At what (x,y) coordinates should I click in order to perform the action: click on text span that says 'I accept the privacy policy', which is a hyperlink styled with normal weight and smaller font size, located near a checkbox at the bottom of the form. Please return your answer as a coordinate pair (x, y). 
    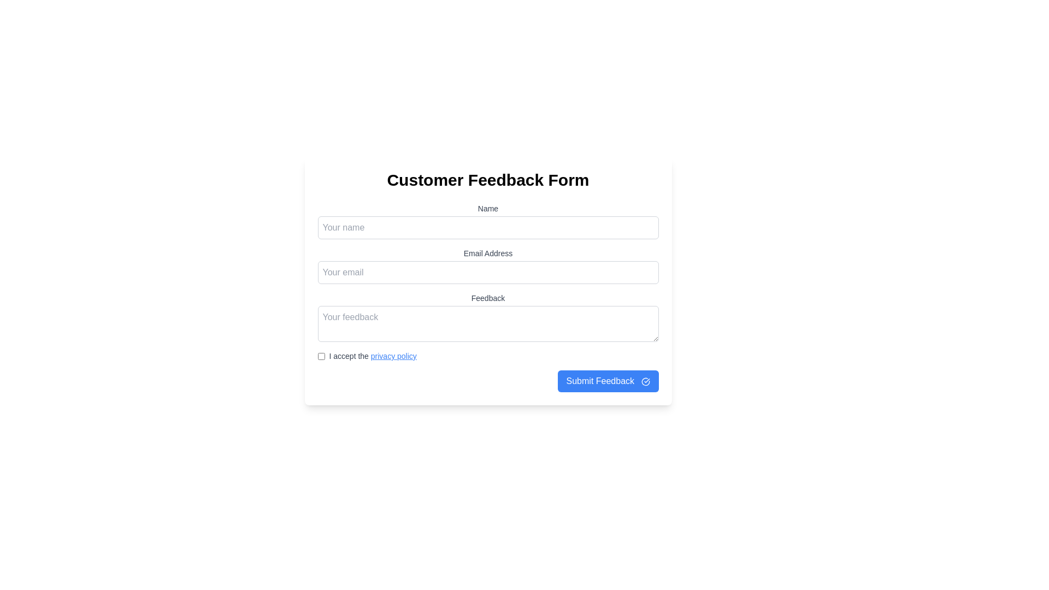
    Looking at the image, I should click on (373, 356).